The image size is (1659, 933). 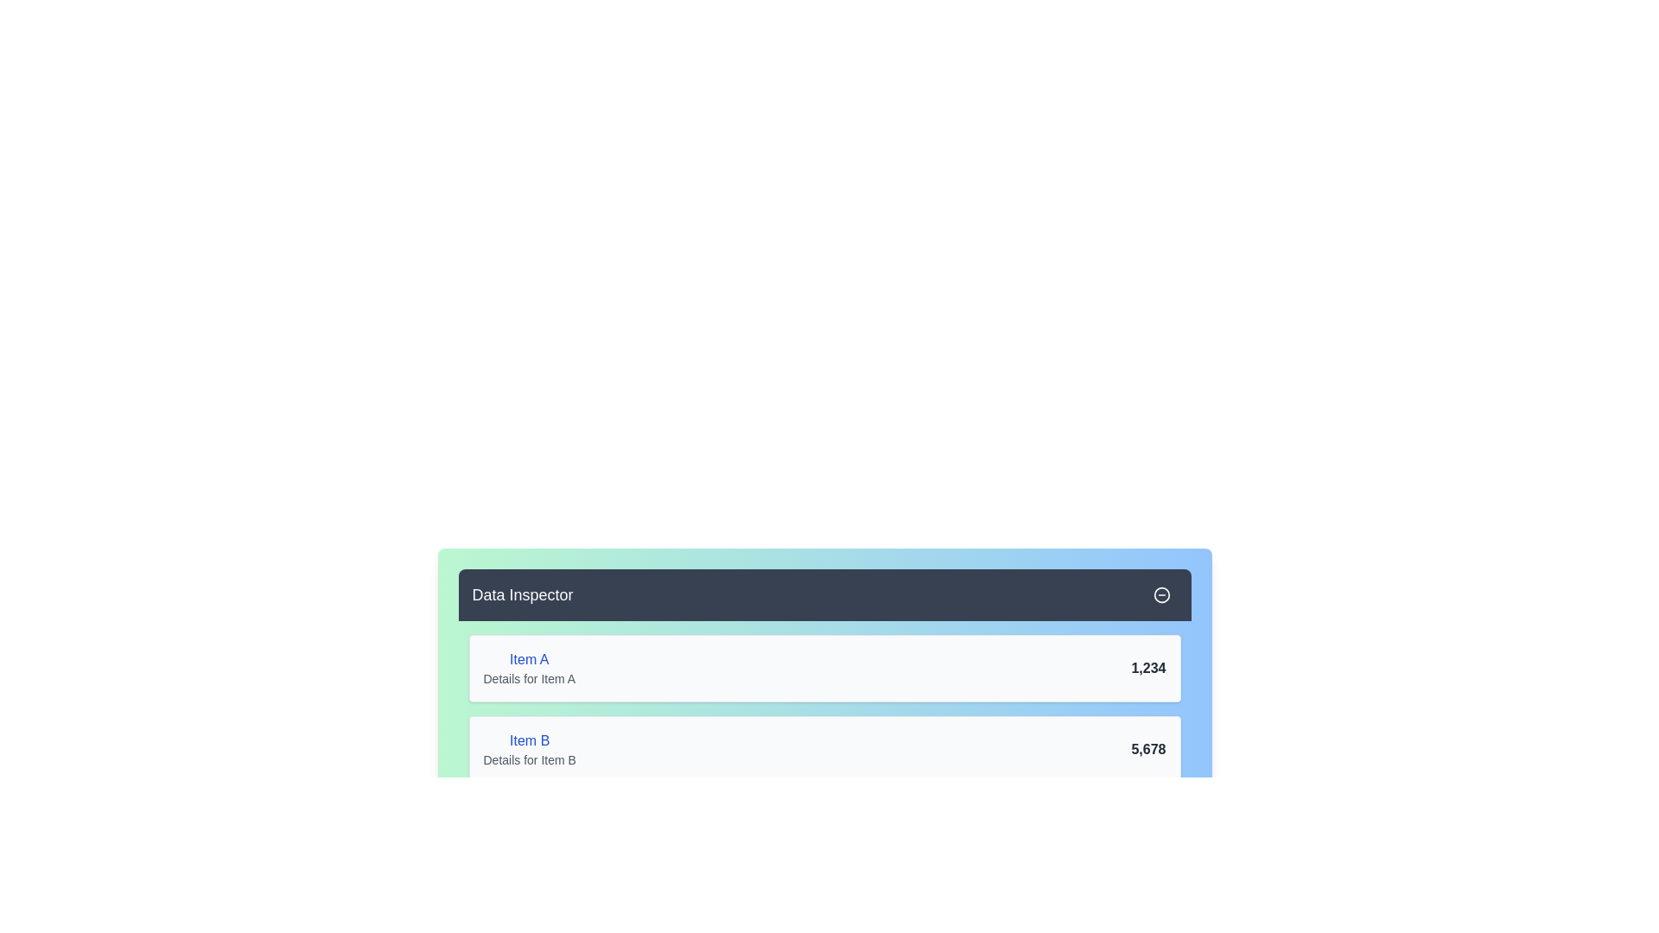 I want to click on the minus icon button located on the far-right side of the horizontal toolbar at the top of the card, so click(x=1161, y=594).